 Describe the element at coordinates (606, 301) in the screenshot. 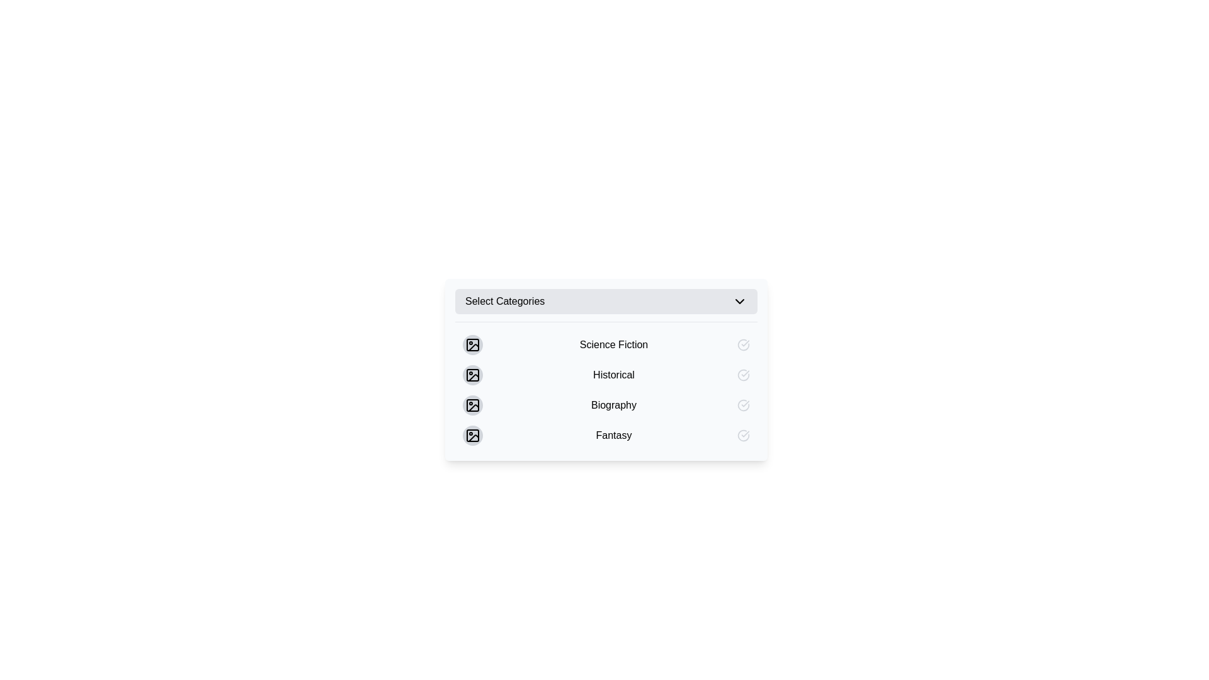

I see `the dropdown menu labeled 'Select Categories' with a light gray background and rounded corners` at that location.